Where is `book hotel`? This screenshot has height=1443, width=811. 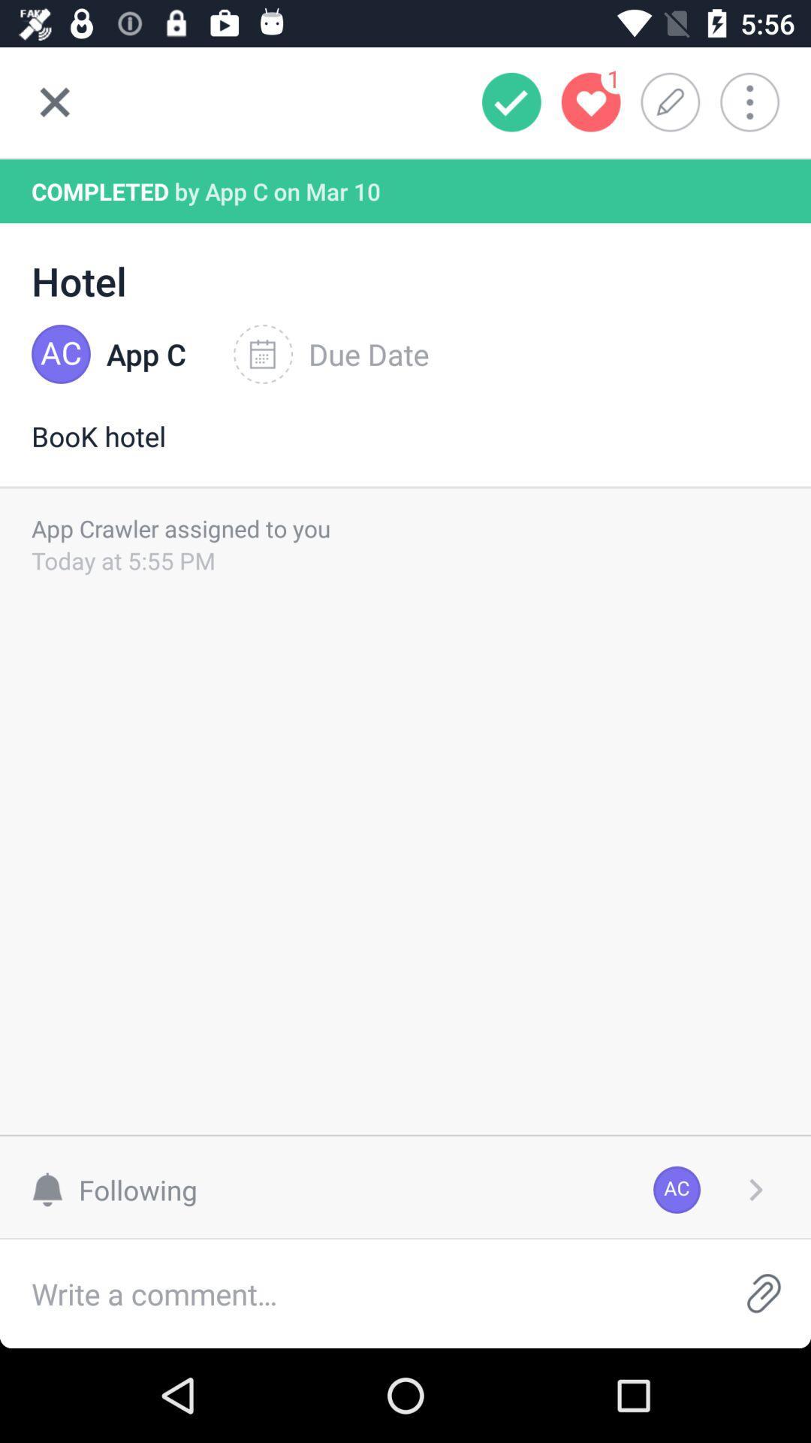
book hotel is located at coordinates (405, 451).